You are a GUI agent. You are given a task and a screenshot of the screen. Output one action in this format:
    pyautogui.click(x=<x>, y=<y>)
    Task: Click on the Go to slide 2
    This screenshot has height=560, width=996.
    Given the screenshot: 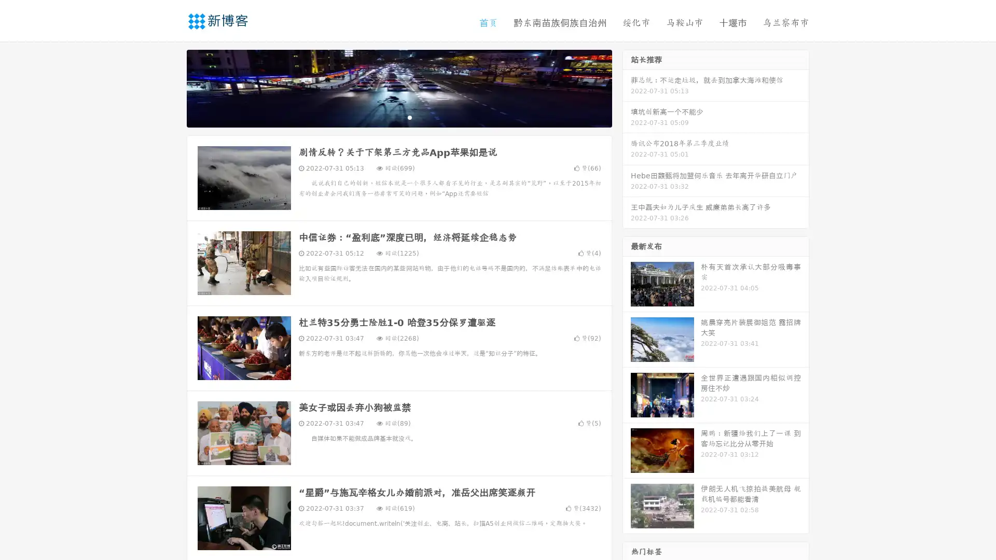 What is the action you would take?
    pyautogui.click(x=398, y=117)
    